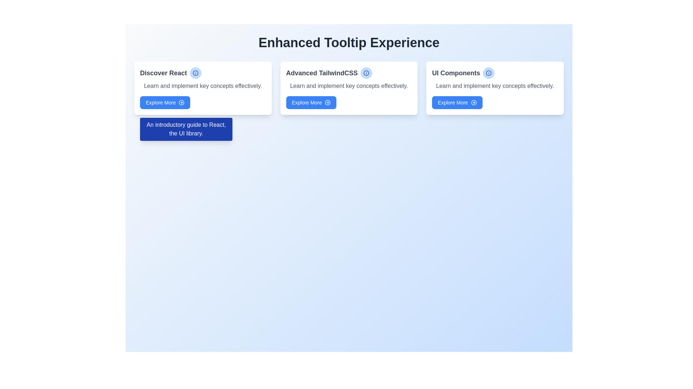 This screenshot has width=693, height=389. Describe the element at coordinates (349, 73) in the screenshot. I see `the text label reading 'Advanced TailwindCSS' which is prominently displayed in bold, large dark gray font within its card layout` at that location.